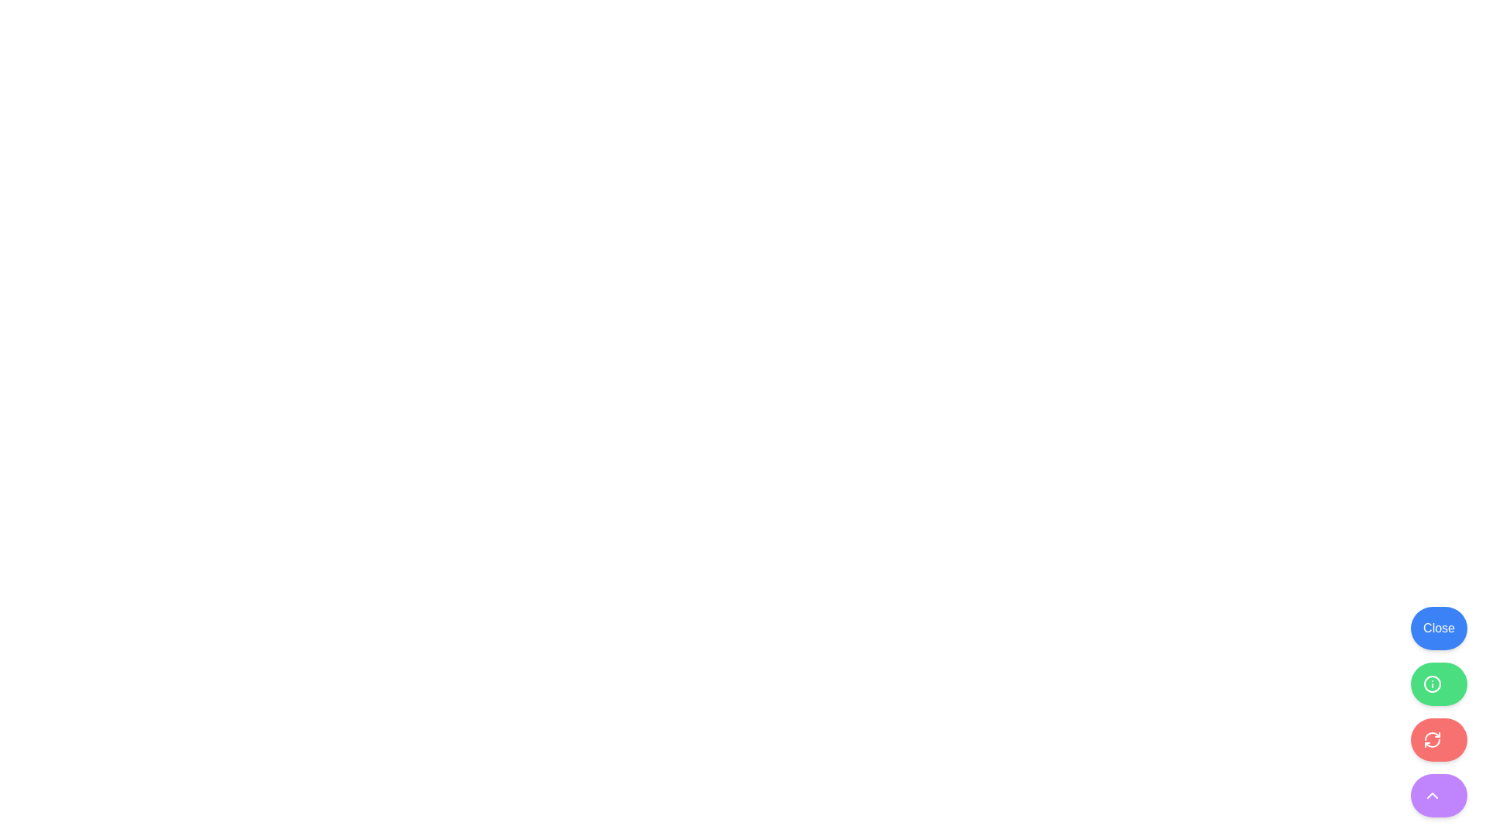 The image size is (1486, 836). I want to click on the informational icon button located below the blue 'Close' button and above the red rotate button, so click(1432, 683).